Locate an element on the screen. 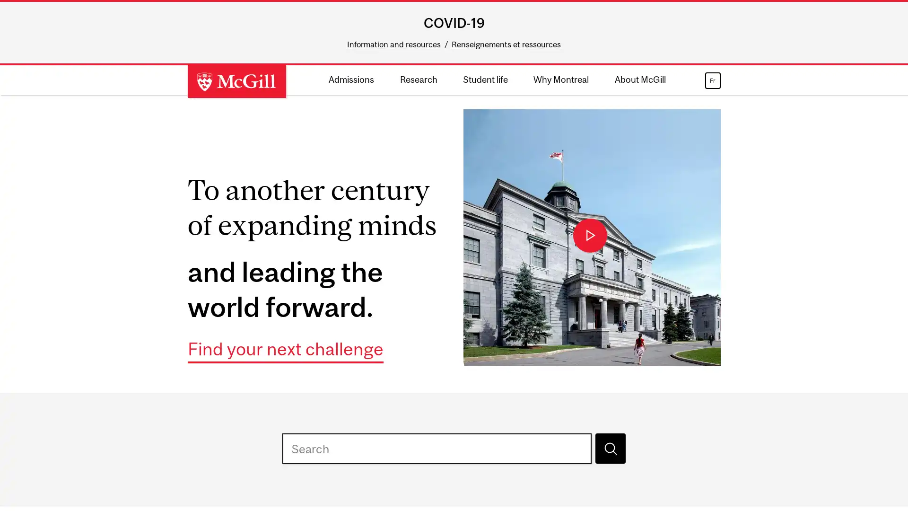  Why Montreal is located at coordinates (561, 79).